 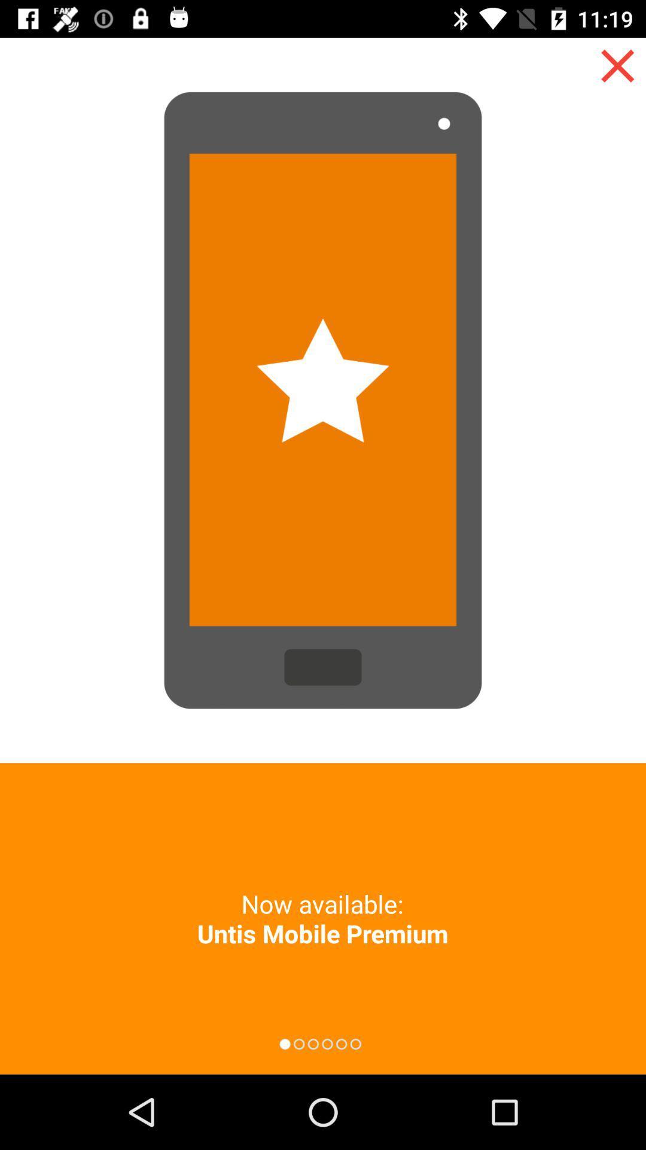 I want to click on the close icon, so click(x=617, y=65).